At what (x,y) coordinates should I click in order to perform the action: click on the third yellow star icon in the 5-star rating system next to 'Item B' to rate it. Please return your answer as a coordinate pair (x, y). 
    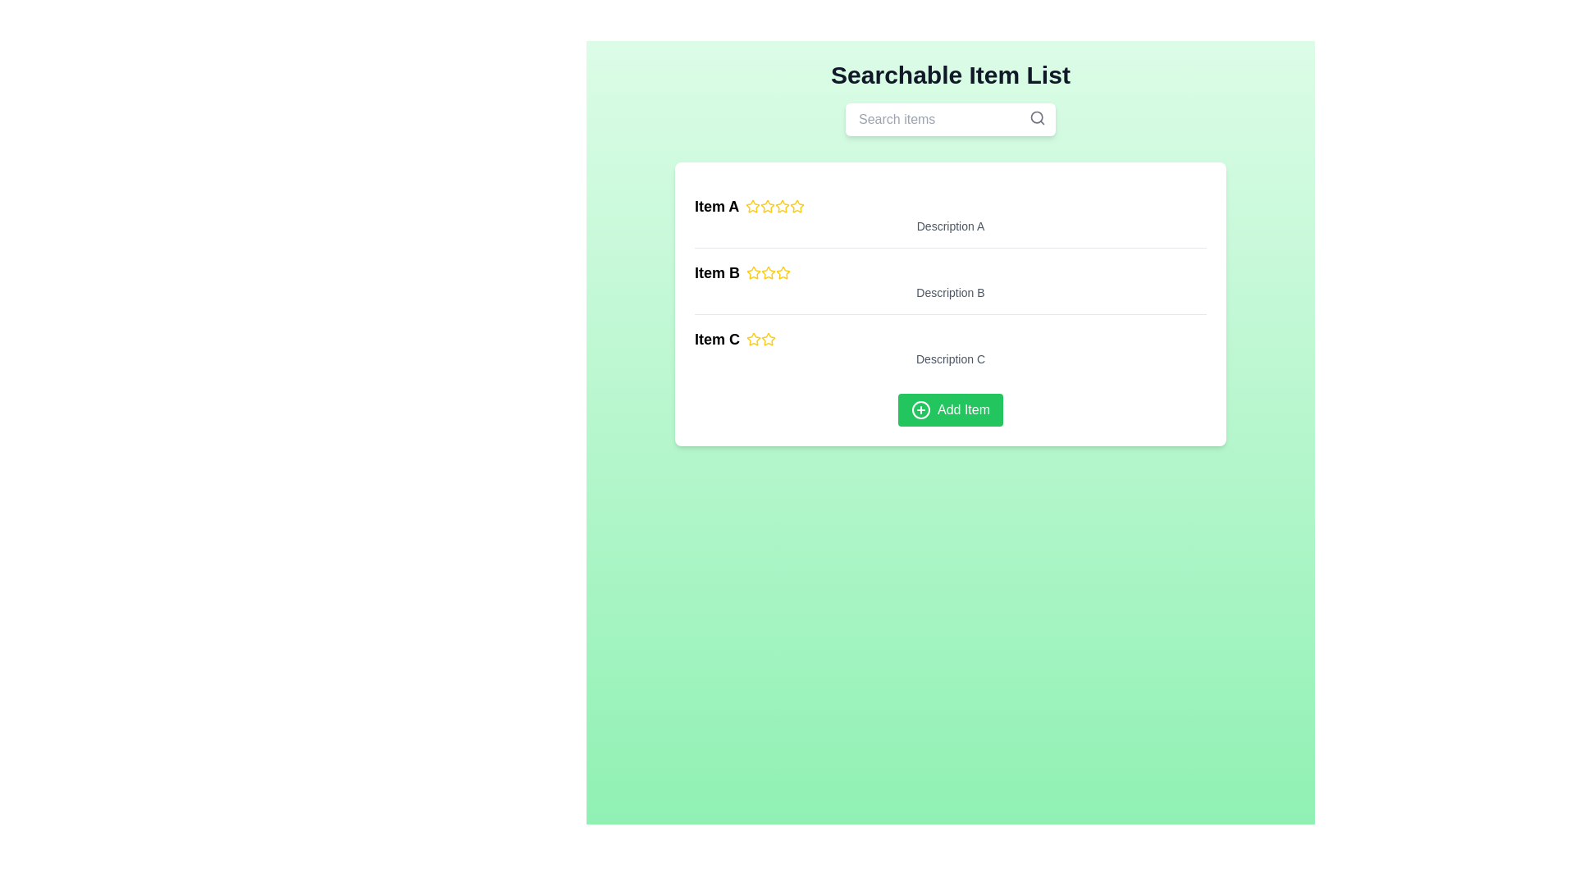
    Looking at the image, I should click on (783, 272).